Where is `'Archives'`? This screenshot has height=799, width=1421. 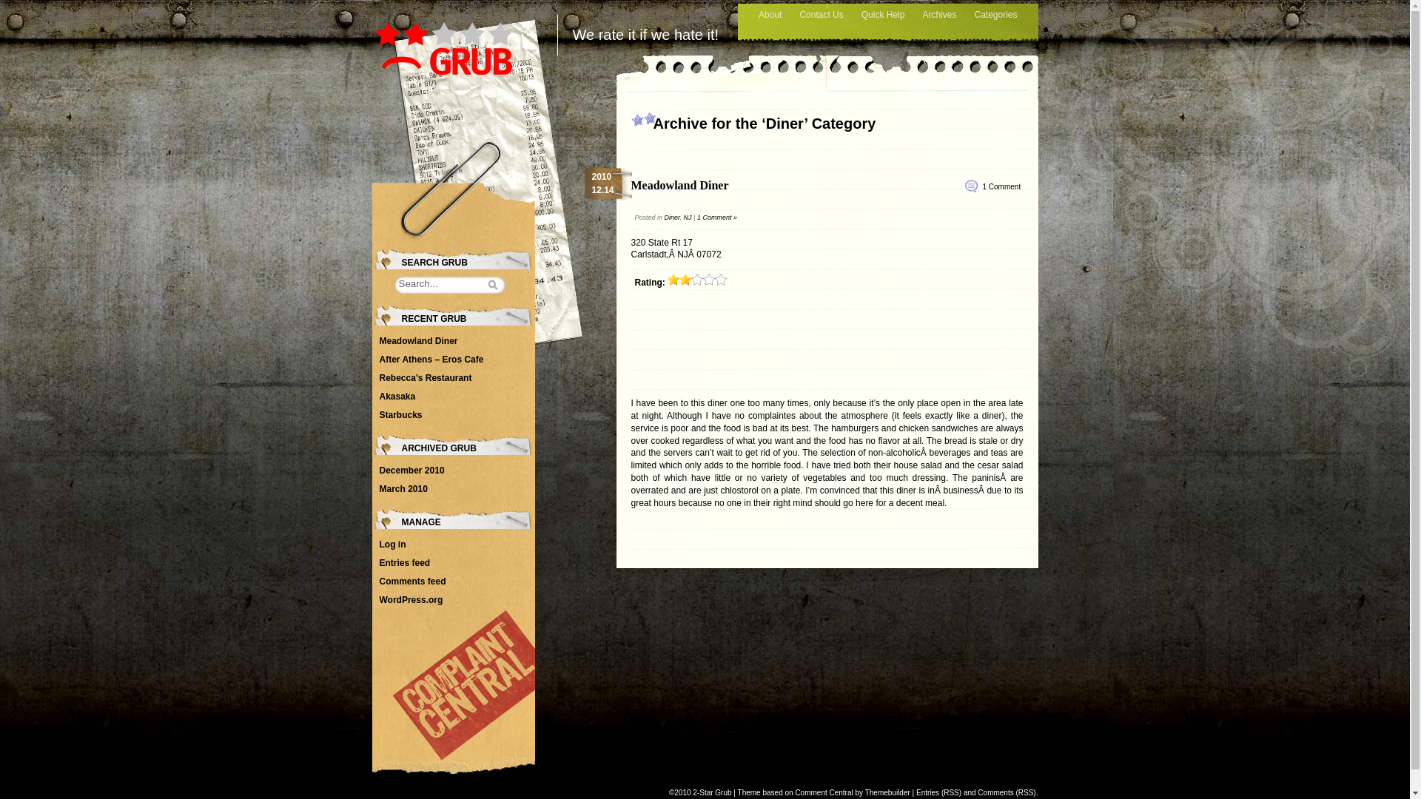 'Archives' is located at coordinates (938, 15).